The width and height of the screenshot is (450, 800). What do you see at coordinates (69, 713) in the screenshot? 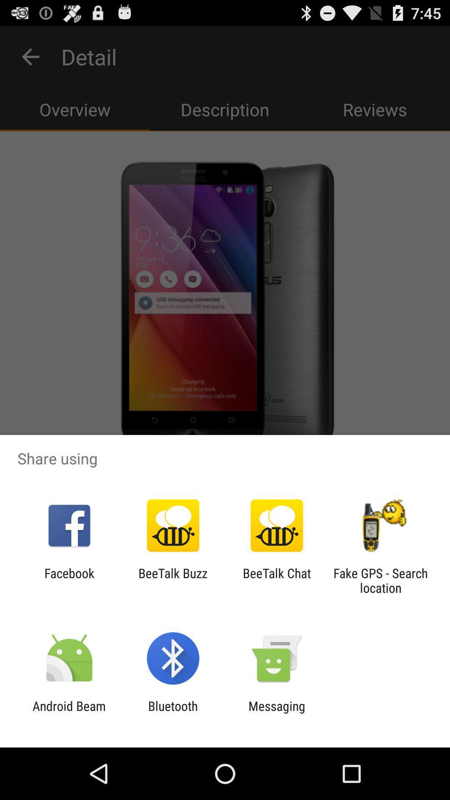
I see `the icon next to the bluetooth item` at bounding box center [69, 713].